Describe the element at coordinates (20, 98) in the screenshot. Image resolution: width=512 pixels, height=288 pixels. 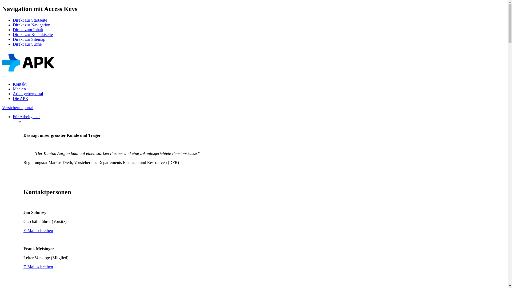
I see `'Die APK'` at that location.